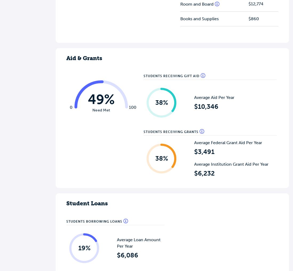  I want to click on '+ amount for off-campus (not with family) room, board and other expenses * # of students living off-campus not with family)', so click(218, 121).